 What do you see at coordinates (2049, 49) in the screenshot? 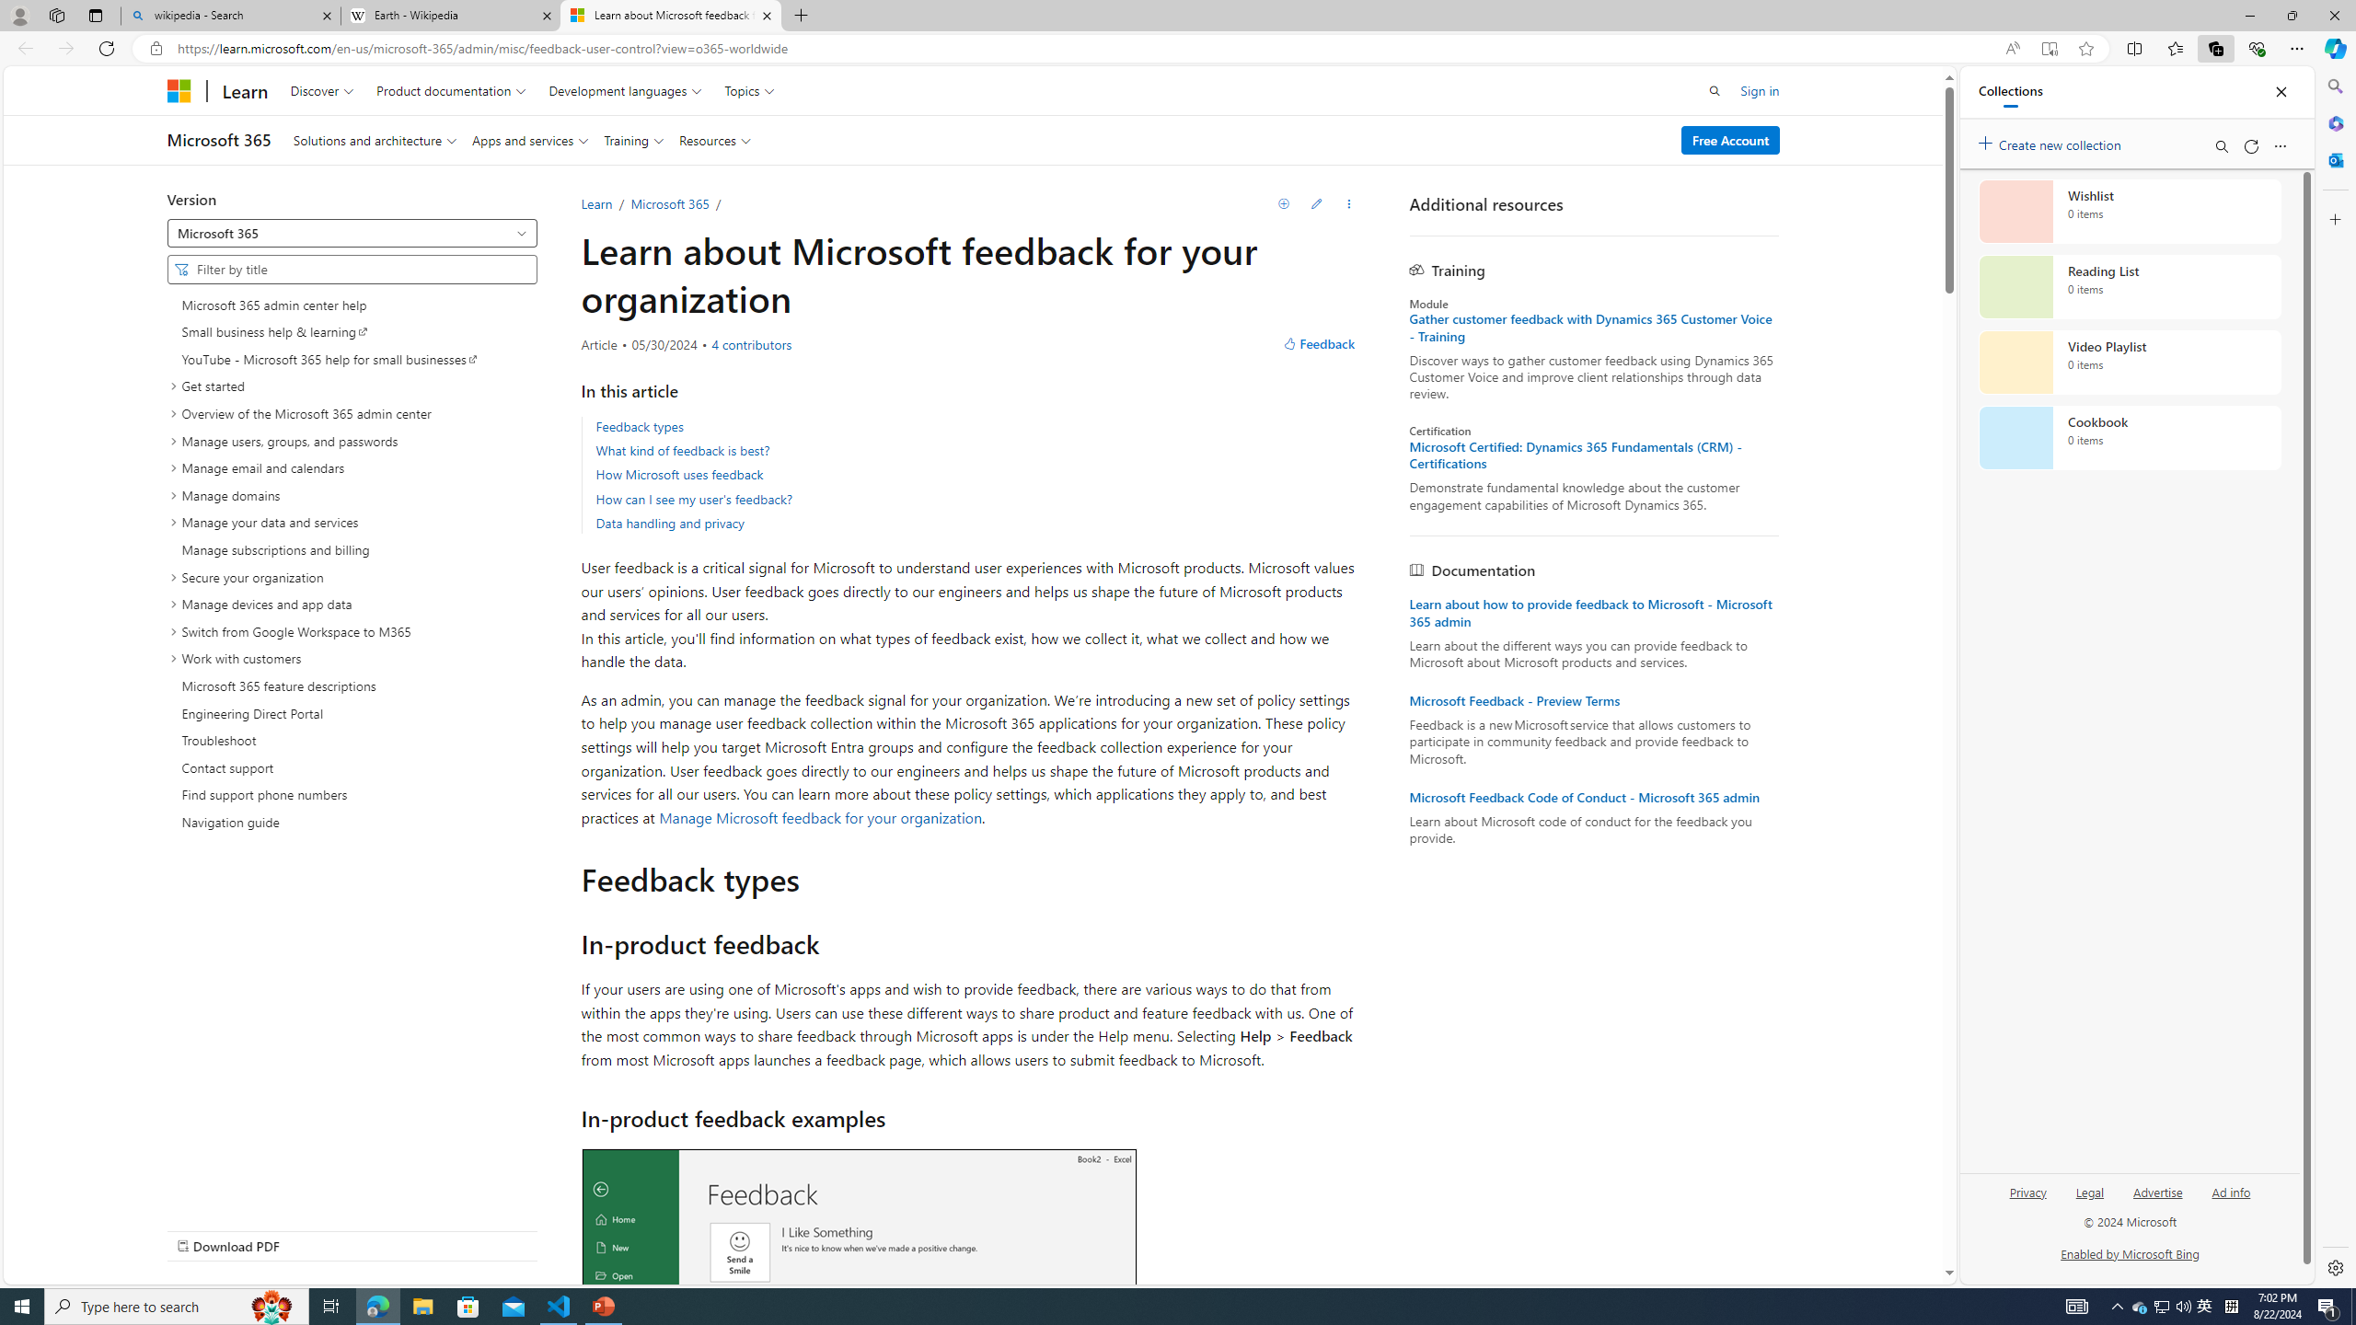
I see `'Enter Immersive Reader (F9)'` at bounding box center [2049, 49].